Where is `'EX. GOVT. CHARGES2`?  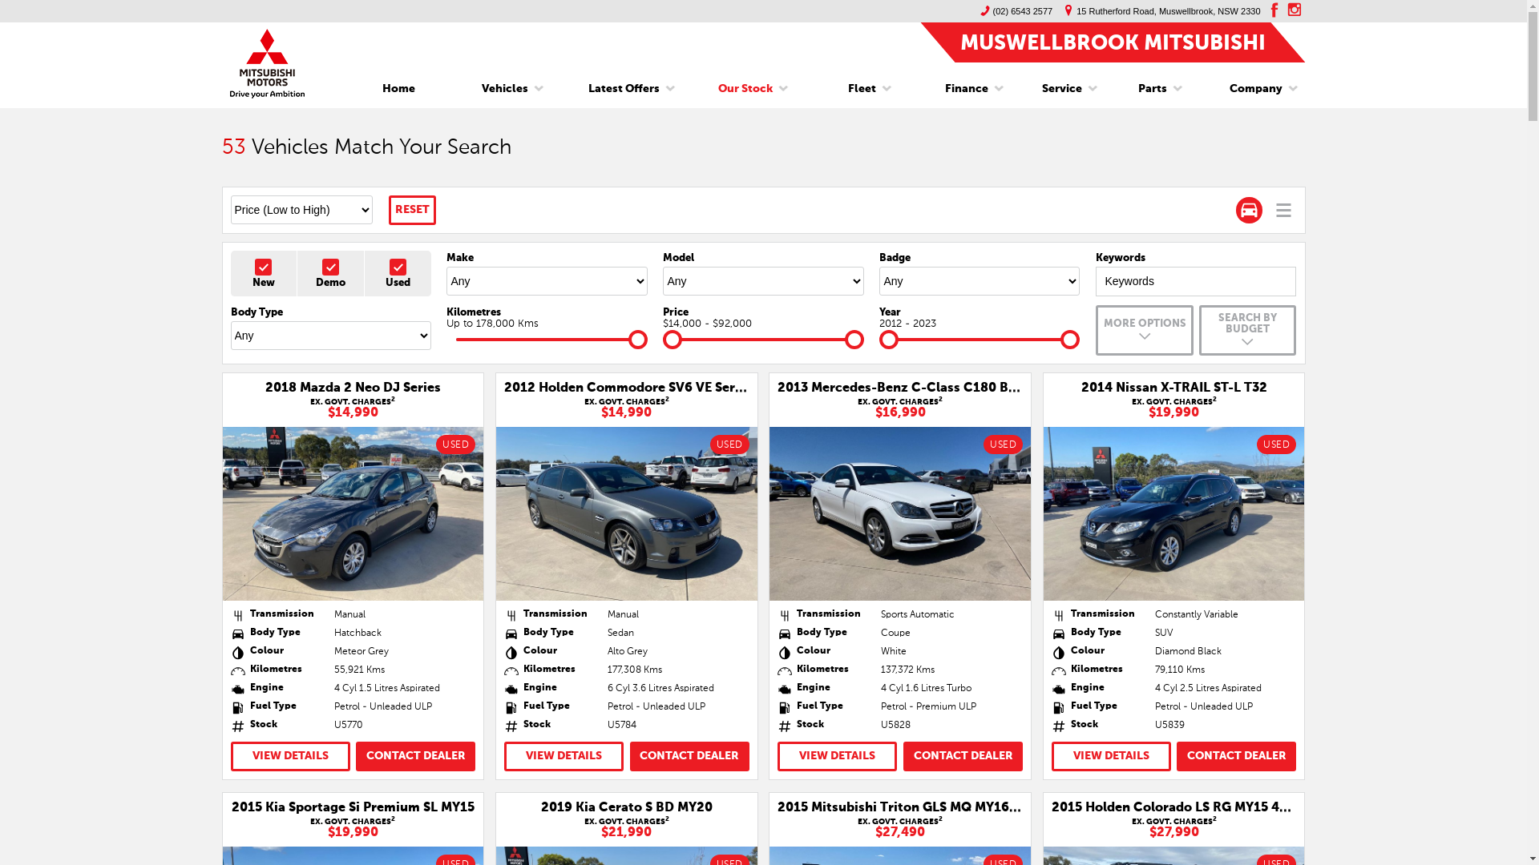
'EX. GOVT. CHARGES2 is located at coordinates (352, 406).